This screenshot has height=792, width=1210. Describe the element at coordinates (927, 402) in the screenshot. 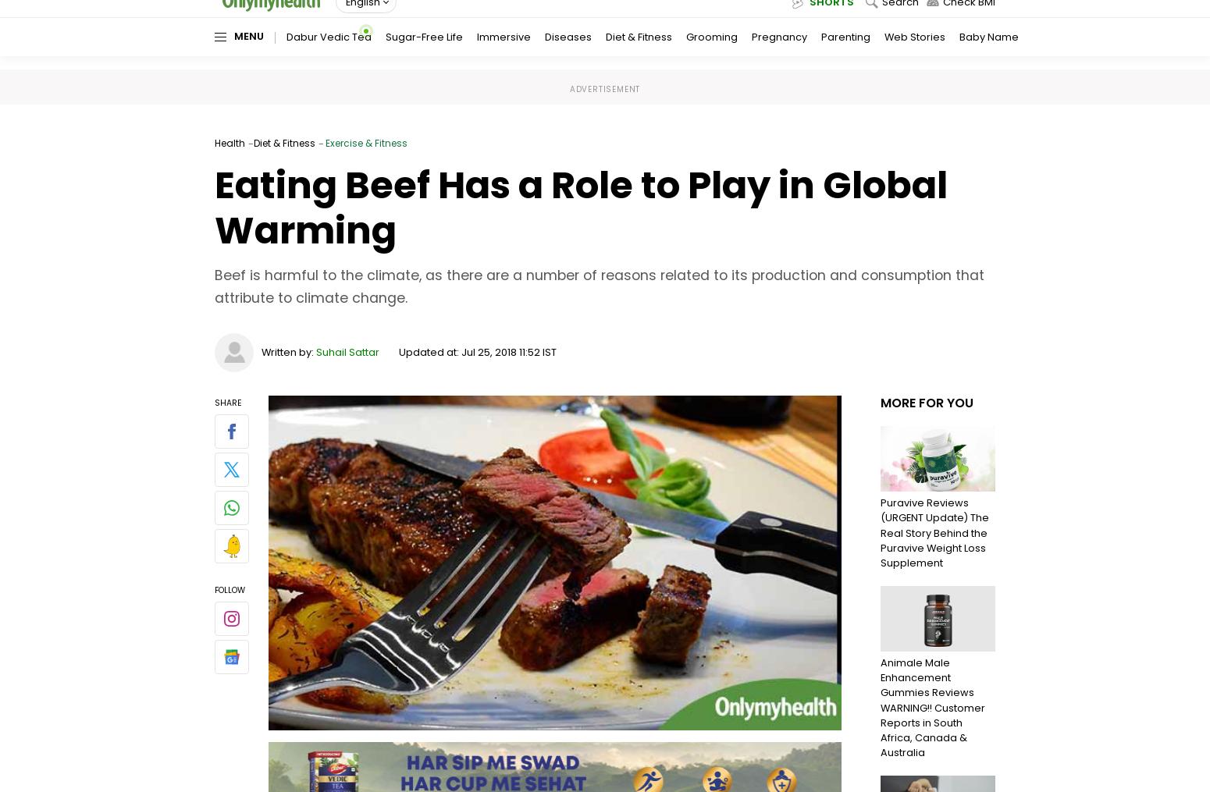

I see `'MORE FOR YOU'` at that location.